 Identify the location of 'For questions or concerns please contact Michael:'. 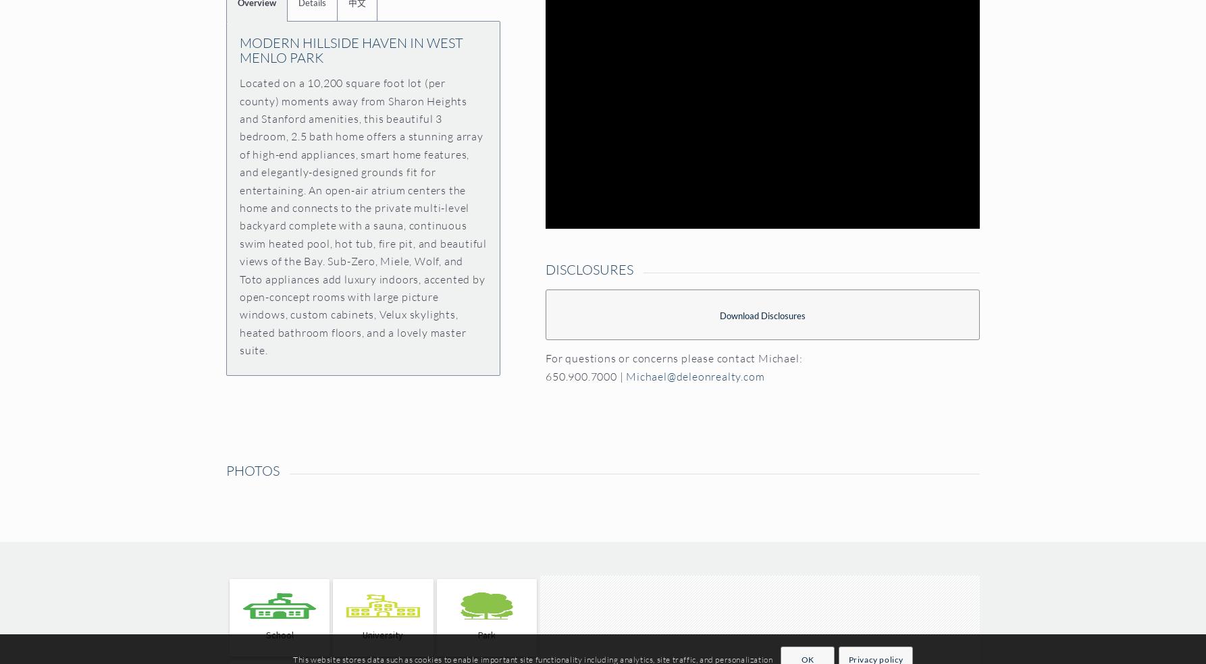
(544, 356).